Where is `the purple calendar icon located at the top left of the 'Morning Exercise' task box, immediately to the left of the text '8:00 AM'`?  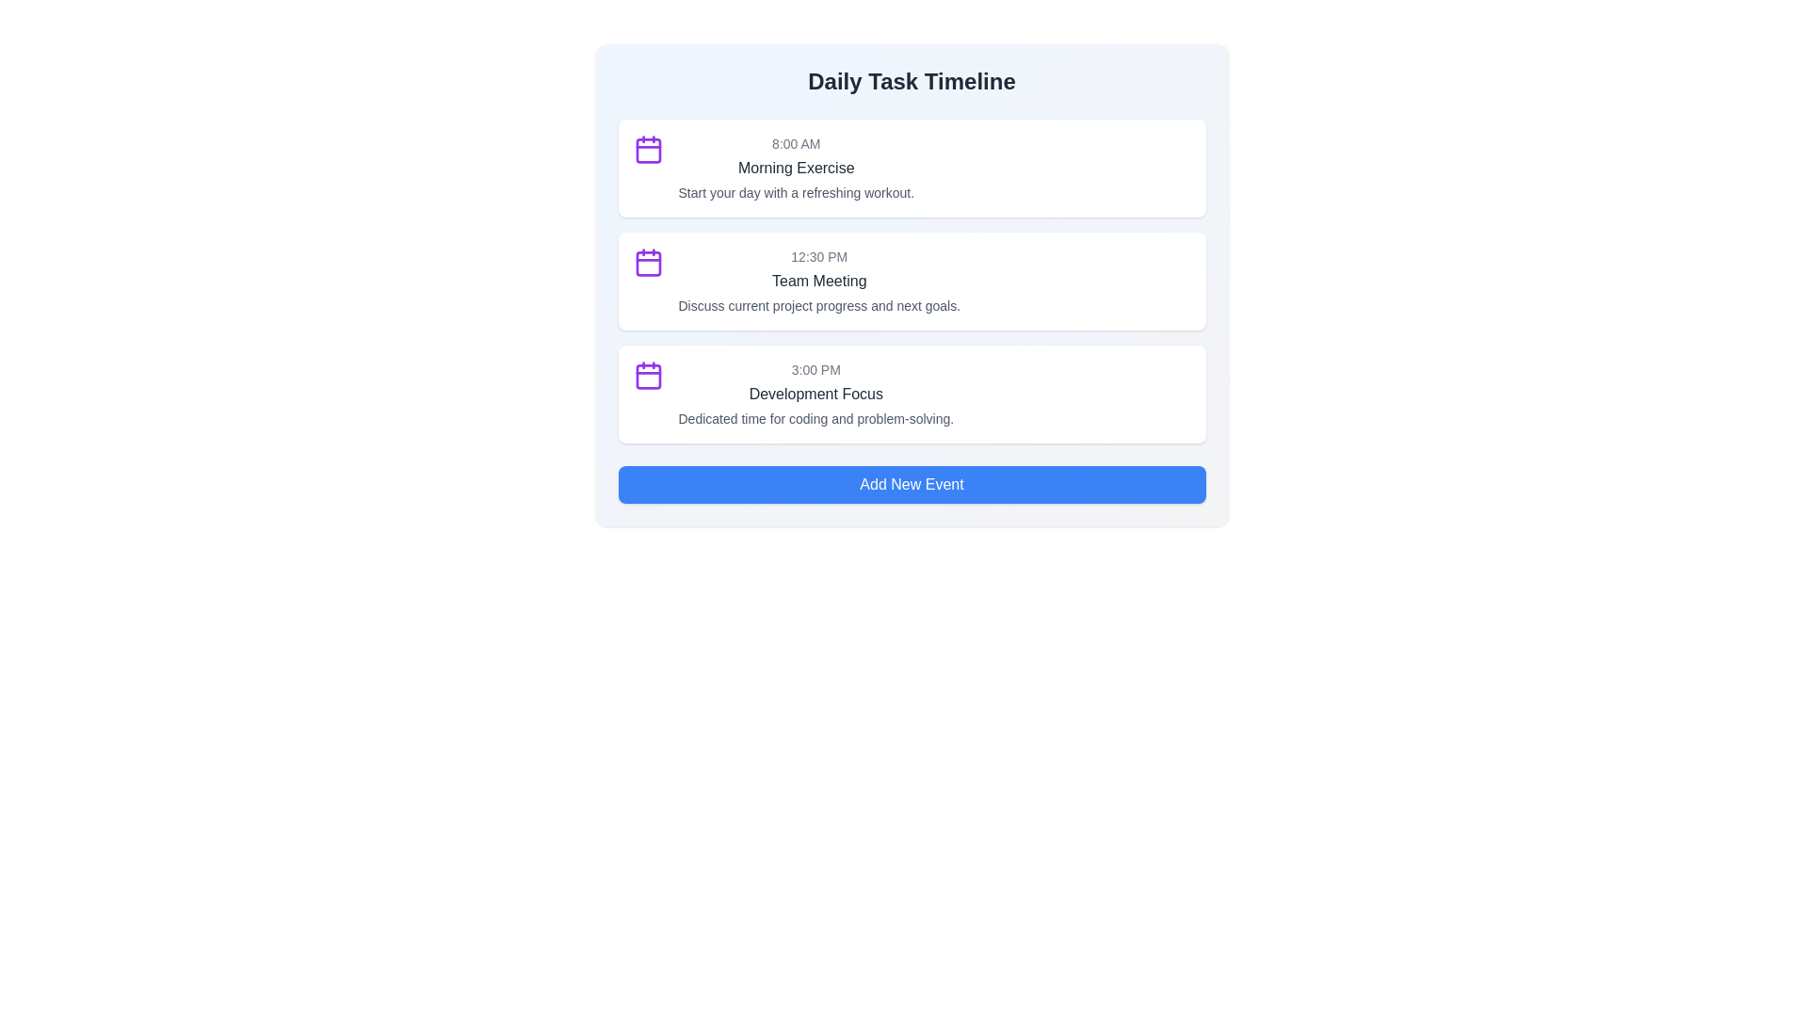
the purple calendar icon located at the top left of the 'Morning Exercise' task box, immediately to the left of the text '8:00 AM' is located at coordinates (648, 148).